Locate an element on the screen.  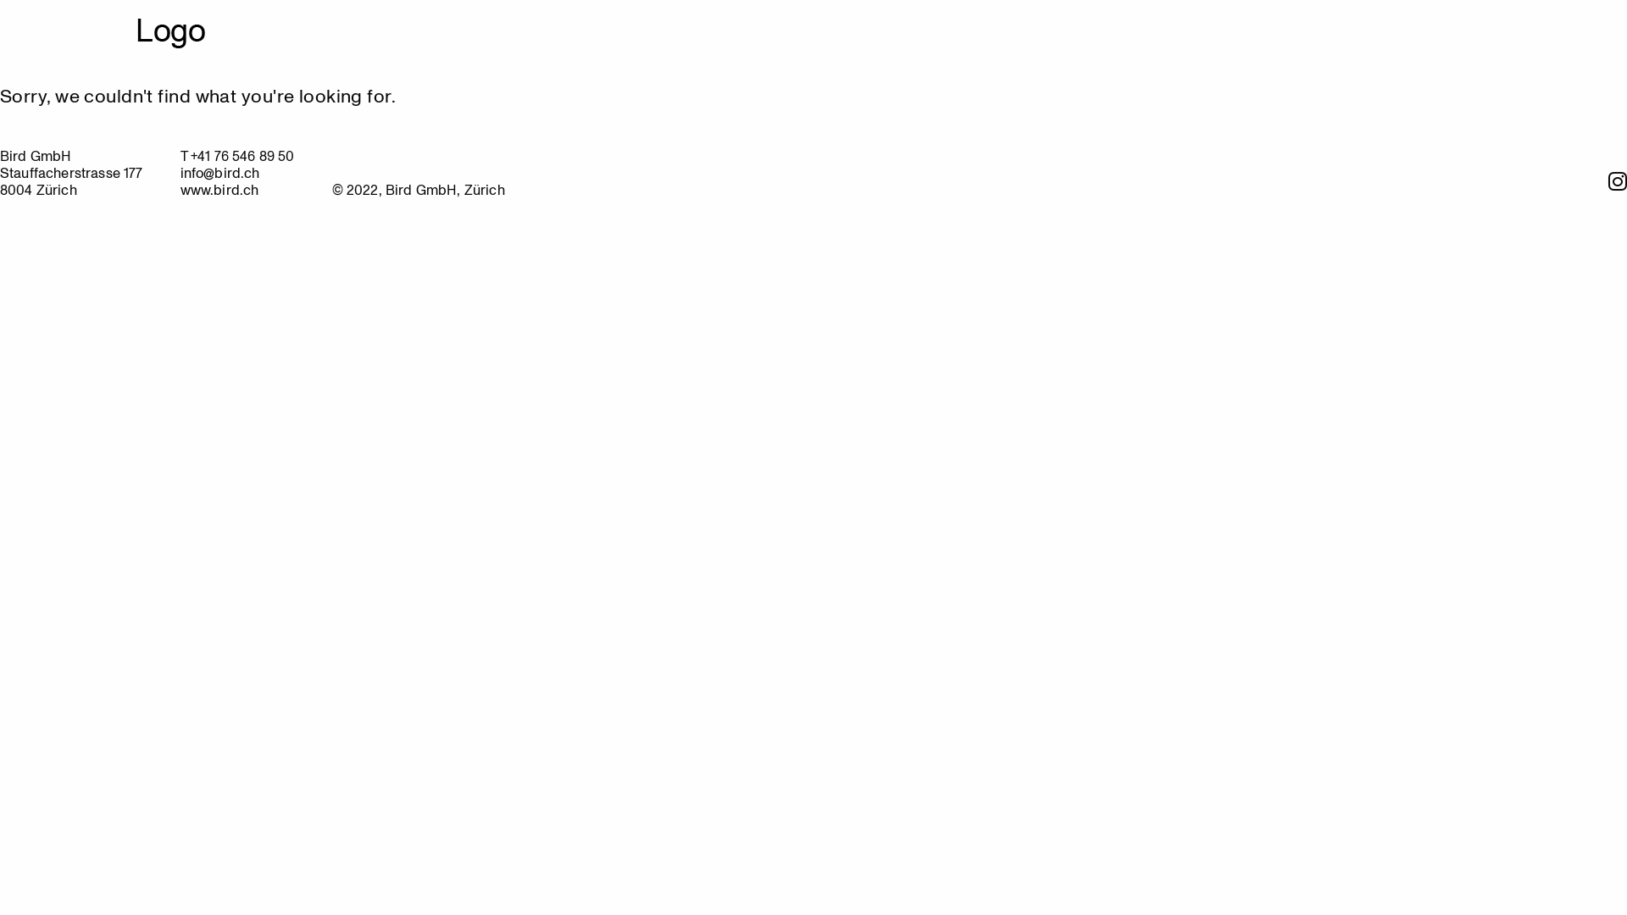
'www.bird.ch' is located at coordinates (219, 190).